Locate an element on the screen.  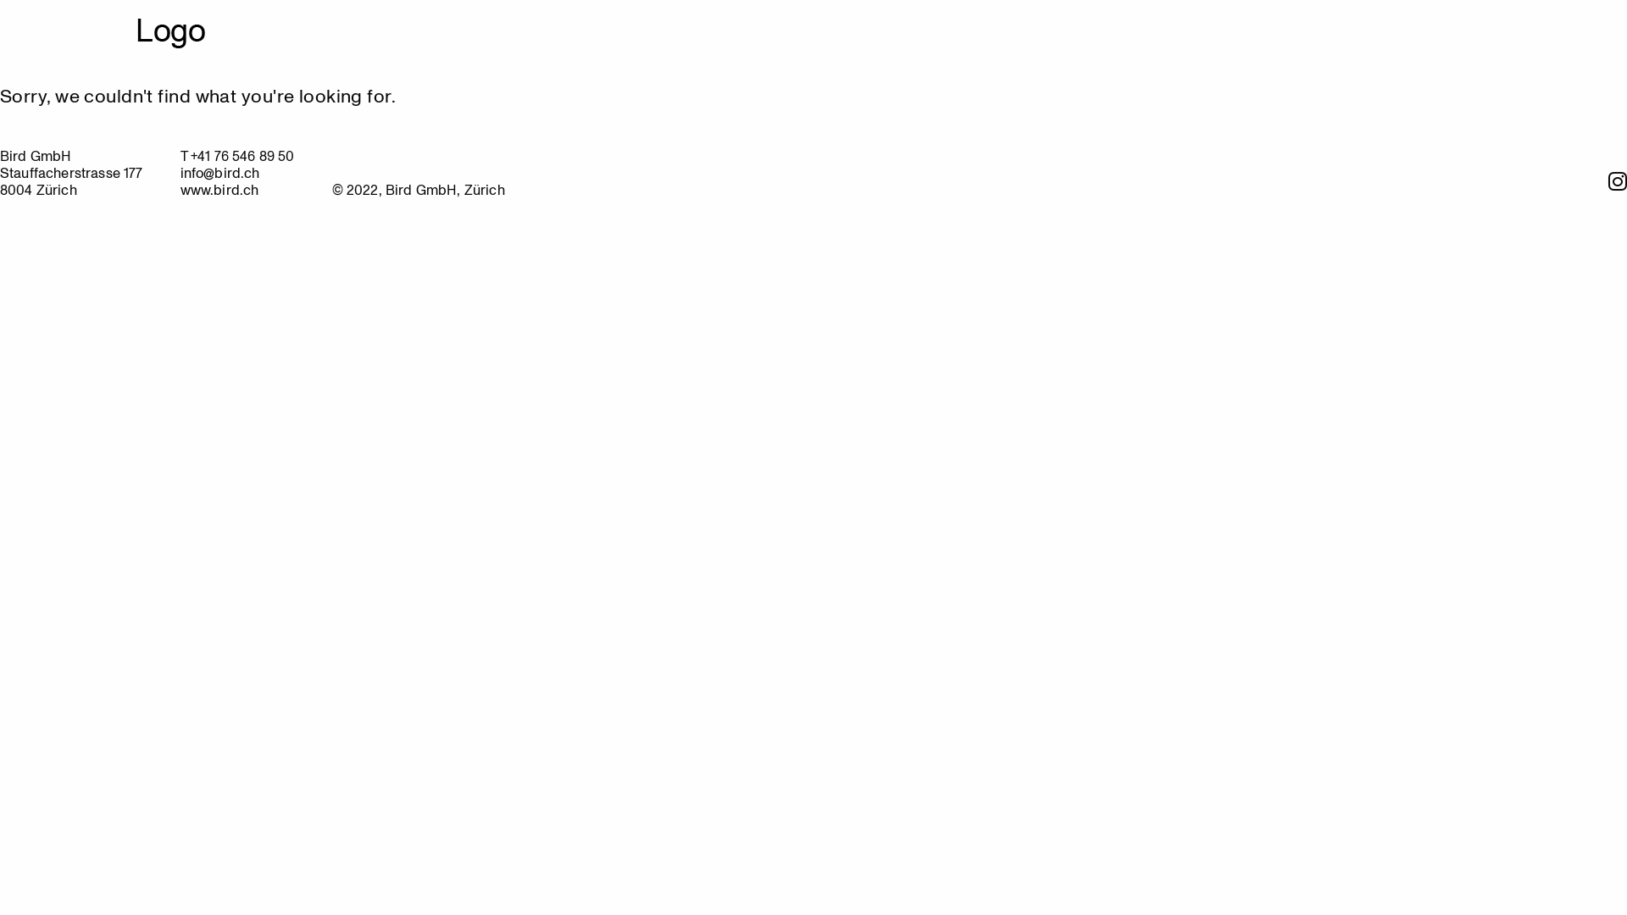
'www.bird.ch' is located at coordinates (219, 190).